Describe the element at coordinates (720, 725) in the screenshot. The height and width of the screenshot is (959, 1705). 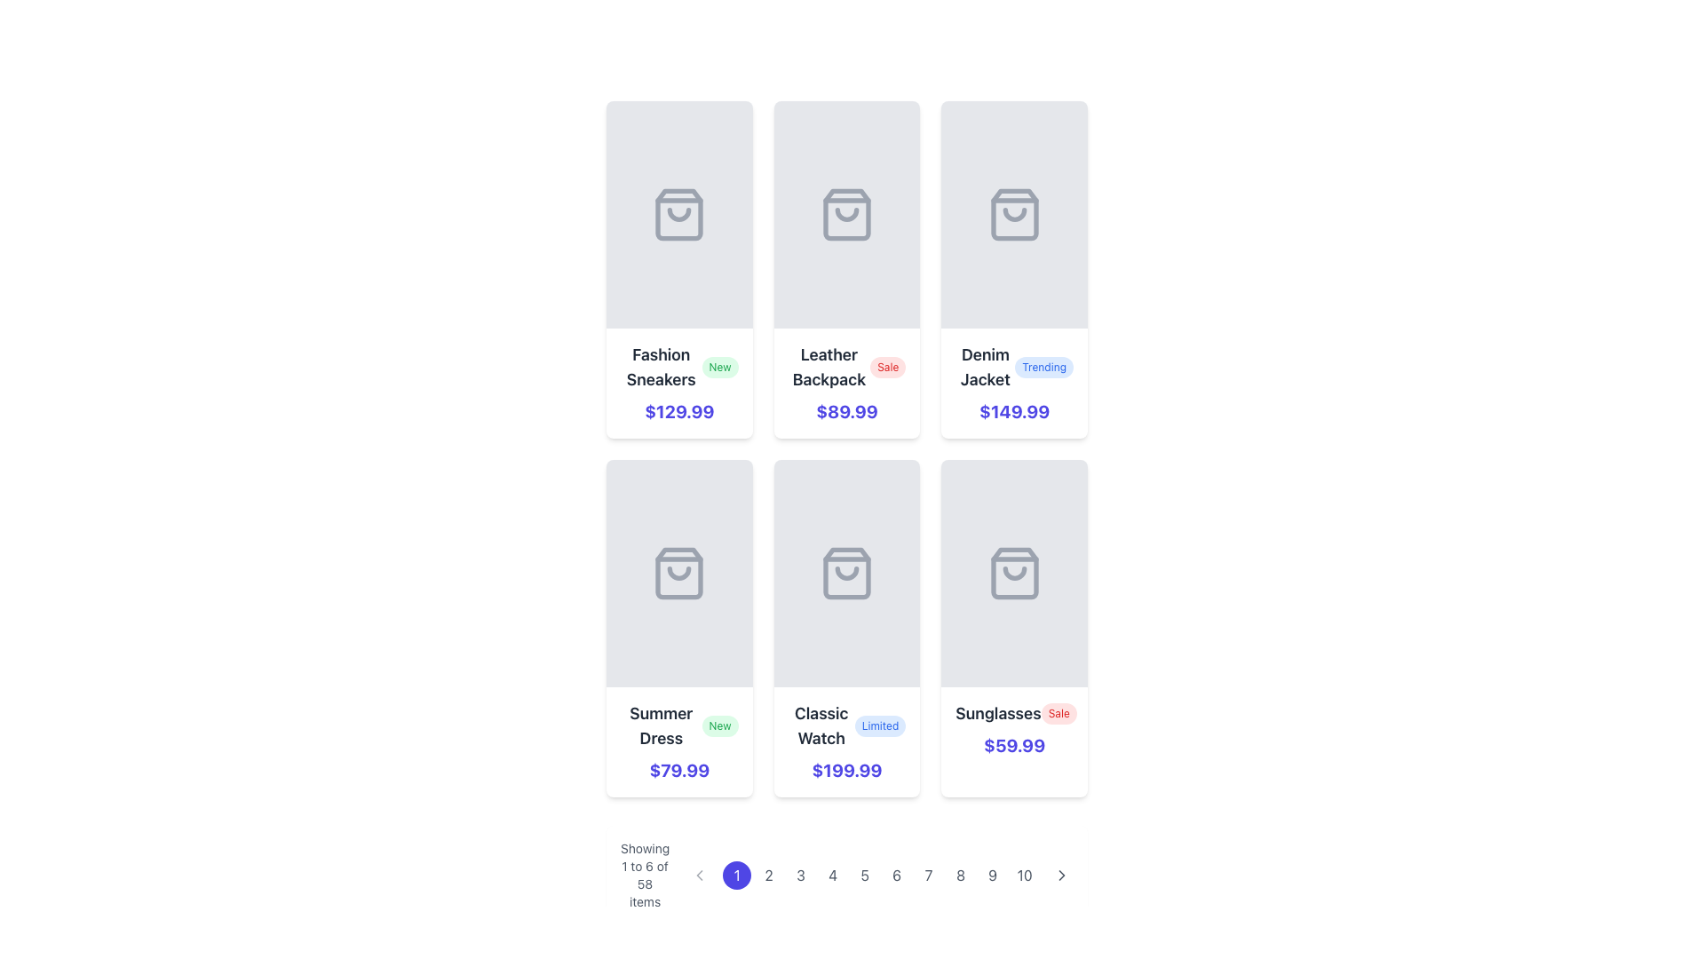
I see `the Badge or Label indicating 'Summer Dress' which is located at the bottom section of the product card, slightly to the right of the product title` at that location.